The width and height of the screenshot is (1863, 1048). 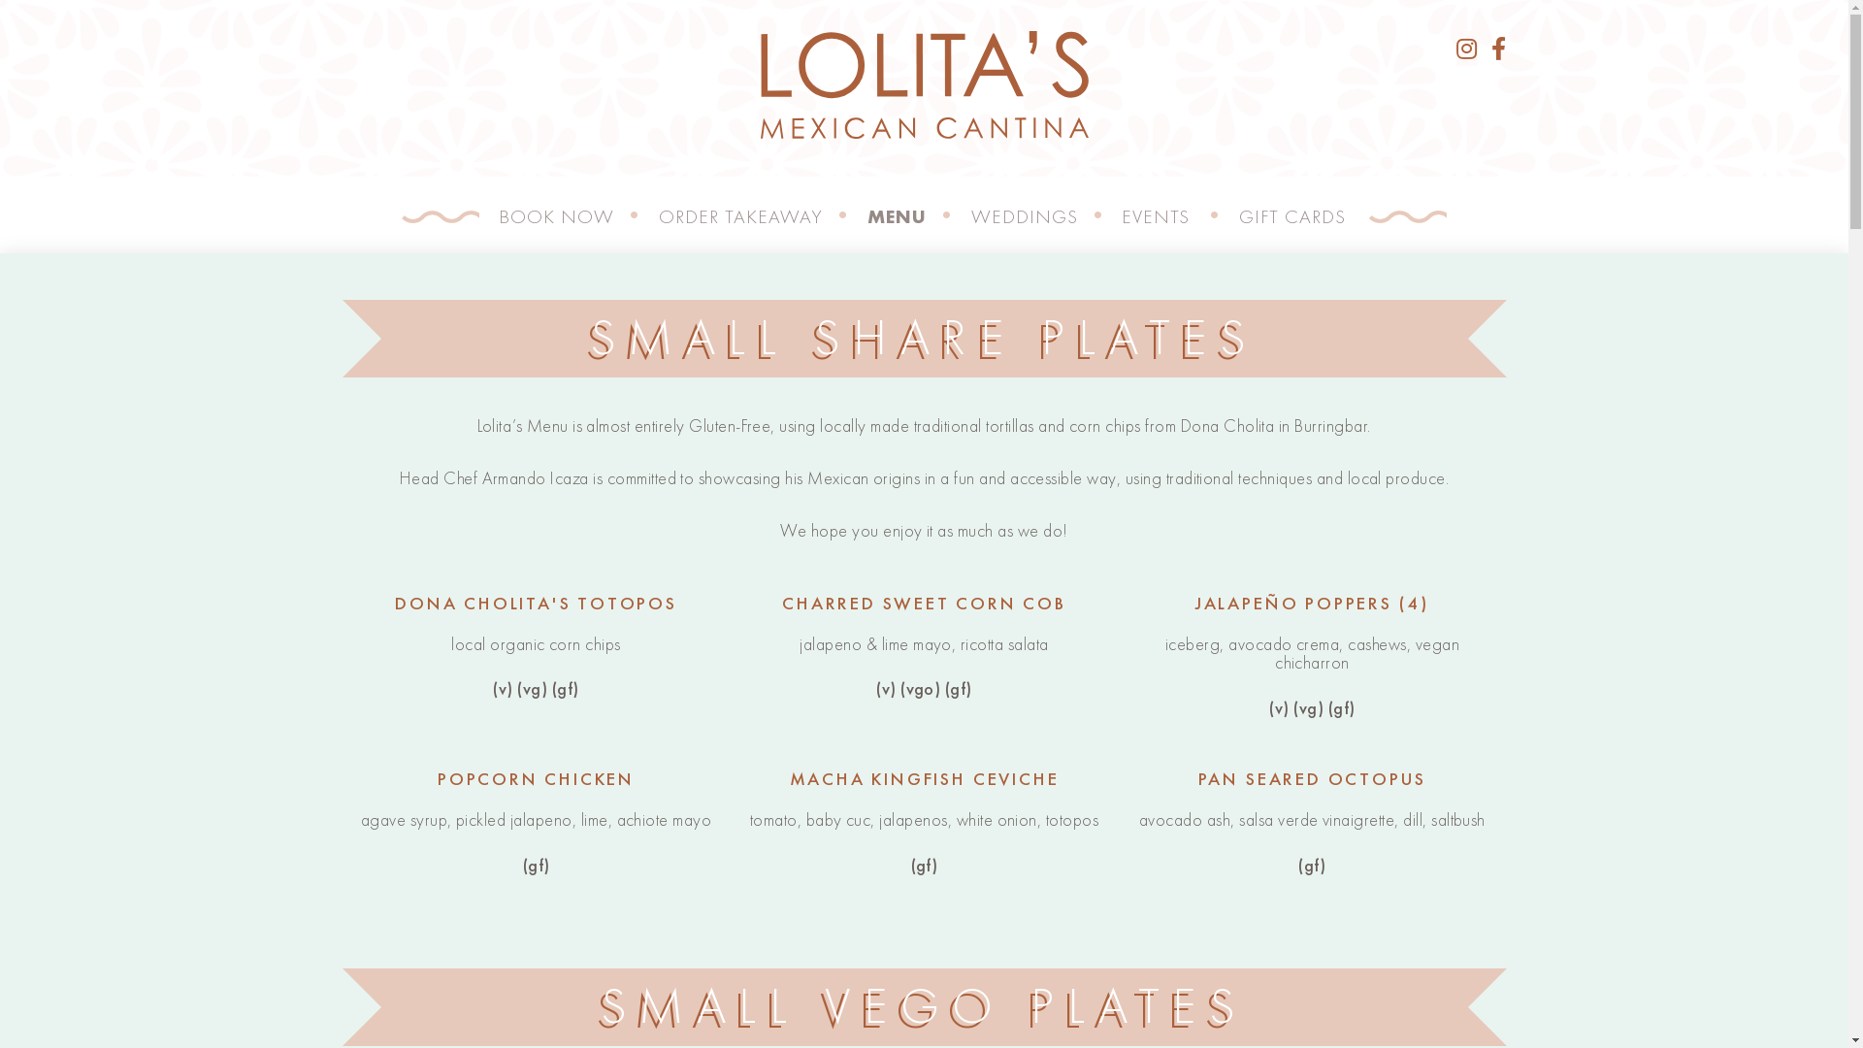 I want to click on 'MENU', so click(x=866, y=216).